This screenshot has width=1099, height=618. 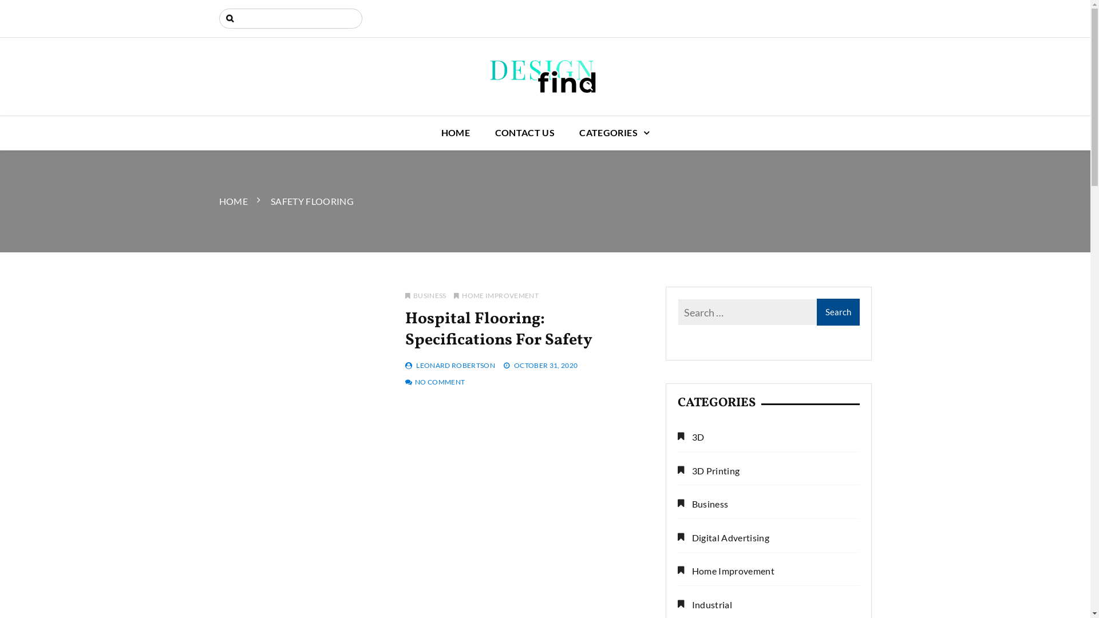 What do you see at coordinates (499, 329) in the screenshot?
I see `'Hospital Flooring: Specifications For Safety'` at bounding box center [499, 329].